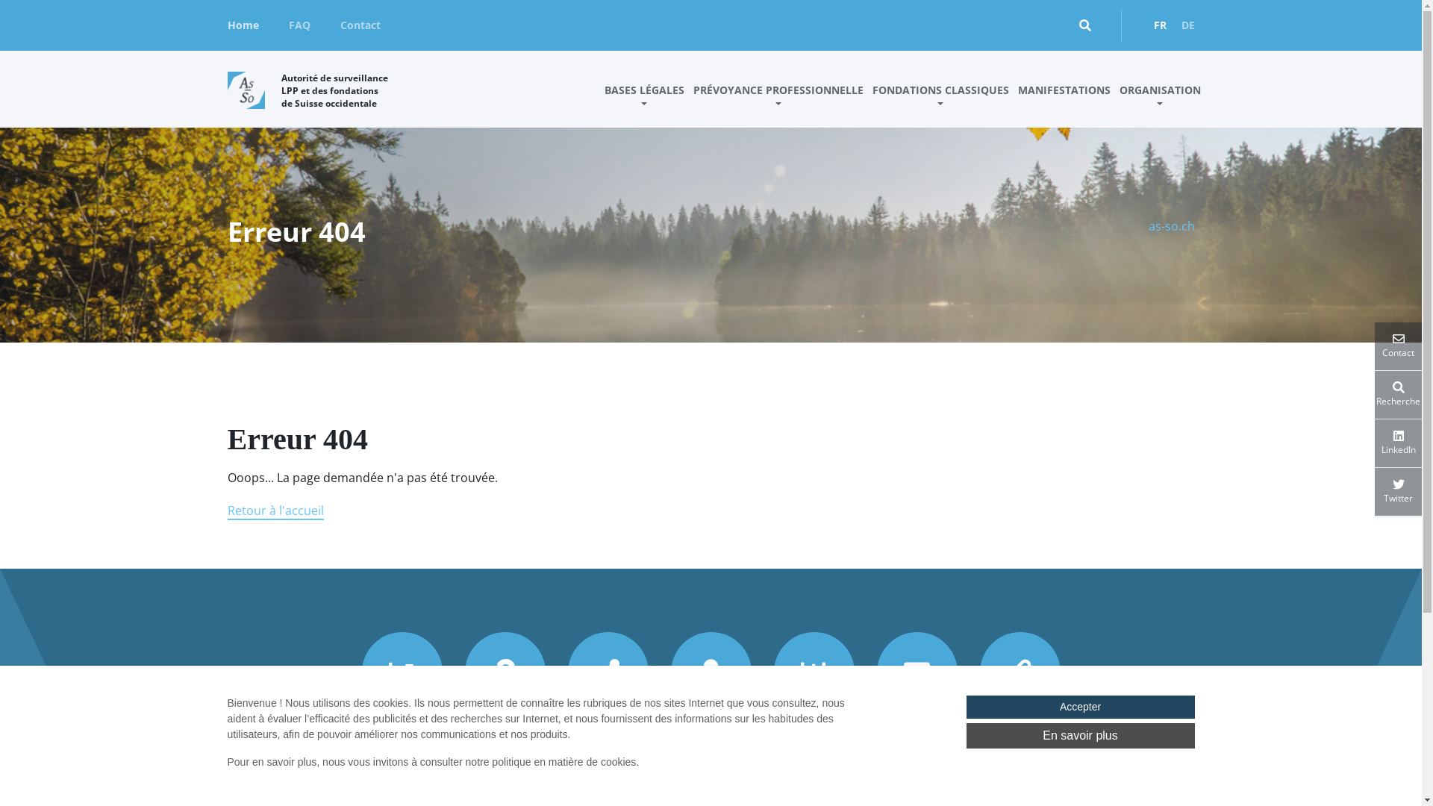 This screenshot has width=1433, height=806. I want to click on 'Accepter', so click(1079, 706).